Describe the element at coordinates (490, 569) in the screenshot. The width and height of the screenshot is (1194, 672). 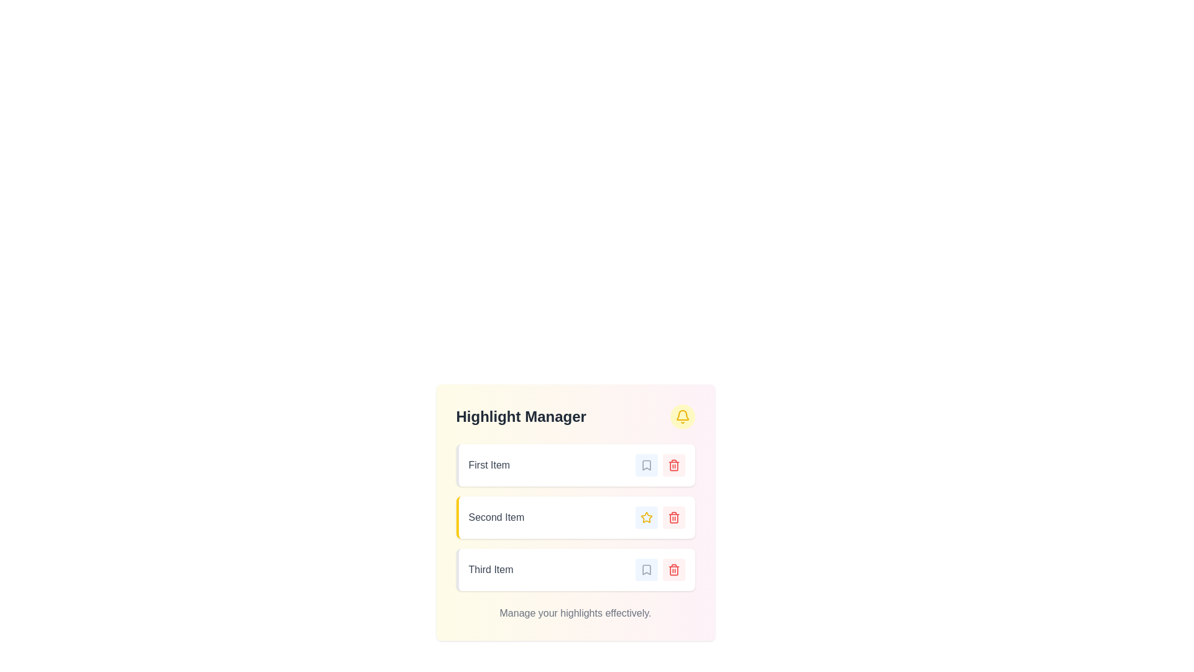
I see `the text label displaying 'Third Item', which is styled with gray color and medium font weight, located in the third interactive card of the list-like interface` at that location.